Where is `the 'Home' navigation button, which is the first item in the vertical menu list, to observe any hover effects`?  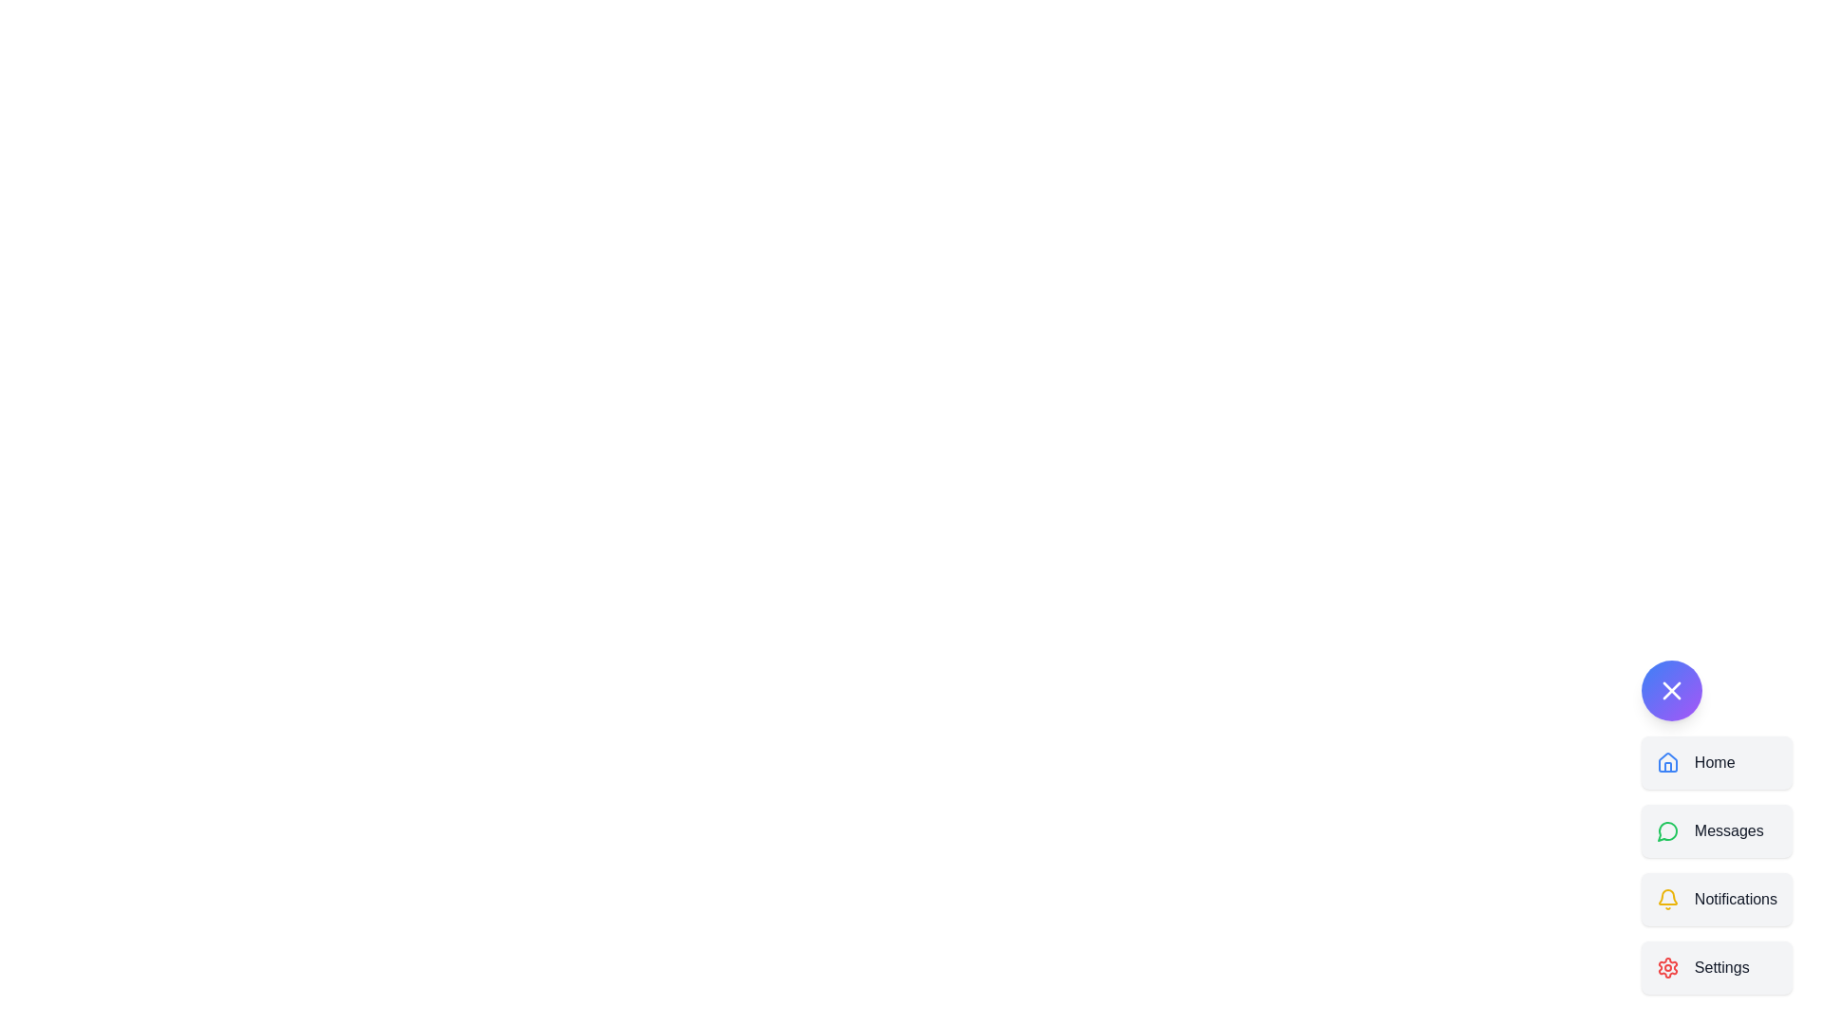 the 'Home' navigation button, which is the first item in the vertical menu list, to observe any hover effects is located at coordinates (1717, 761).